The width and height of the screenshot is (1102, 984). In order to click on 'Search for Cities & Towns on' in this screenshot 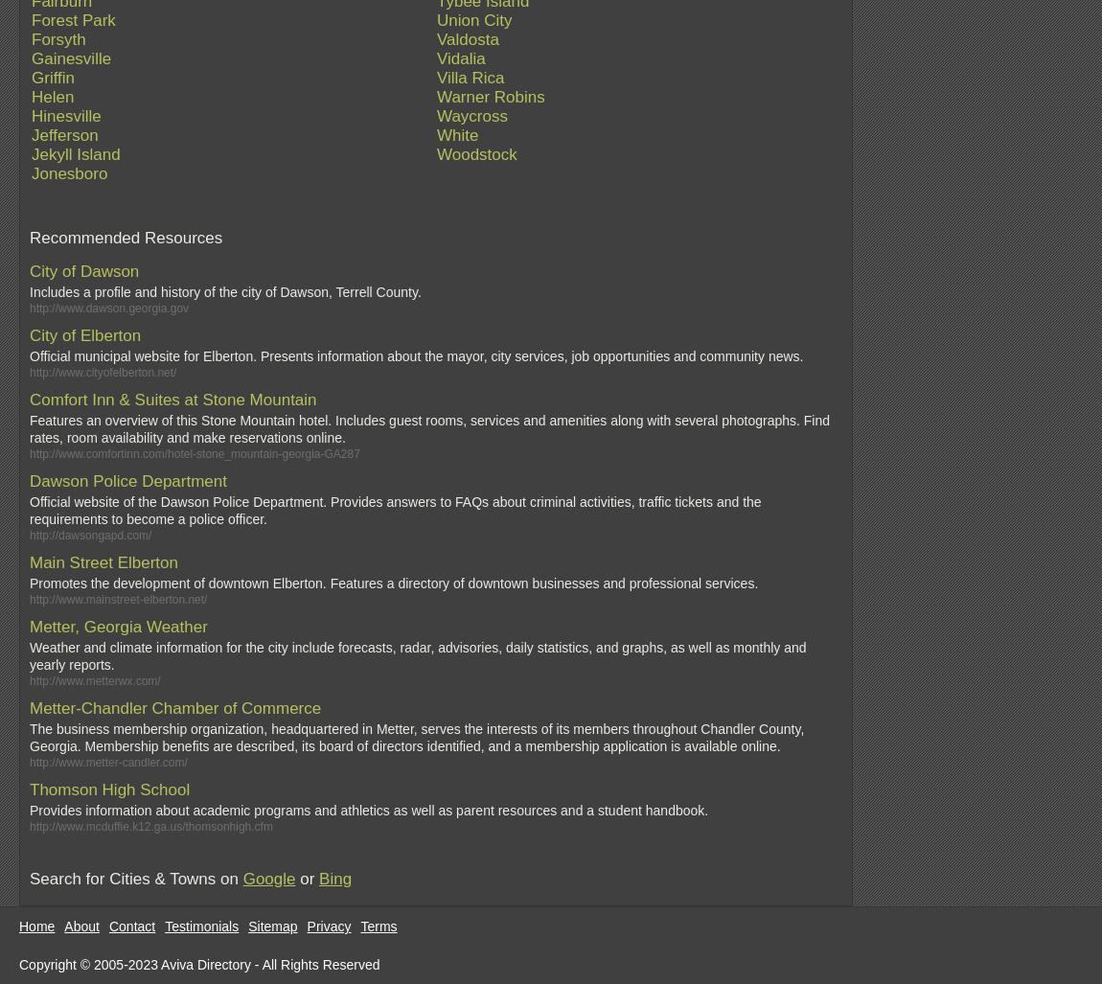, I will do `click(29, 879)`.